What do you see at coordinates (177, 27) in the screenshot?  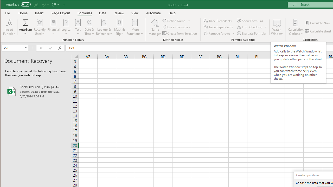 I see `'Use in Formula'` at bounding box center [177, 27].